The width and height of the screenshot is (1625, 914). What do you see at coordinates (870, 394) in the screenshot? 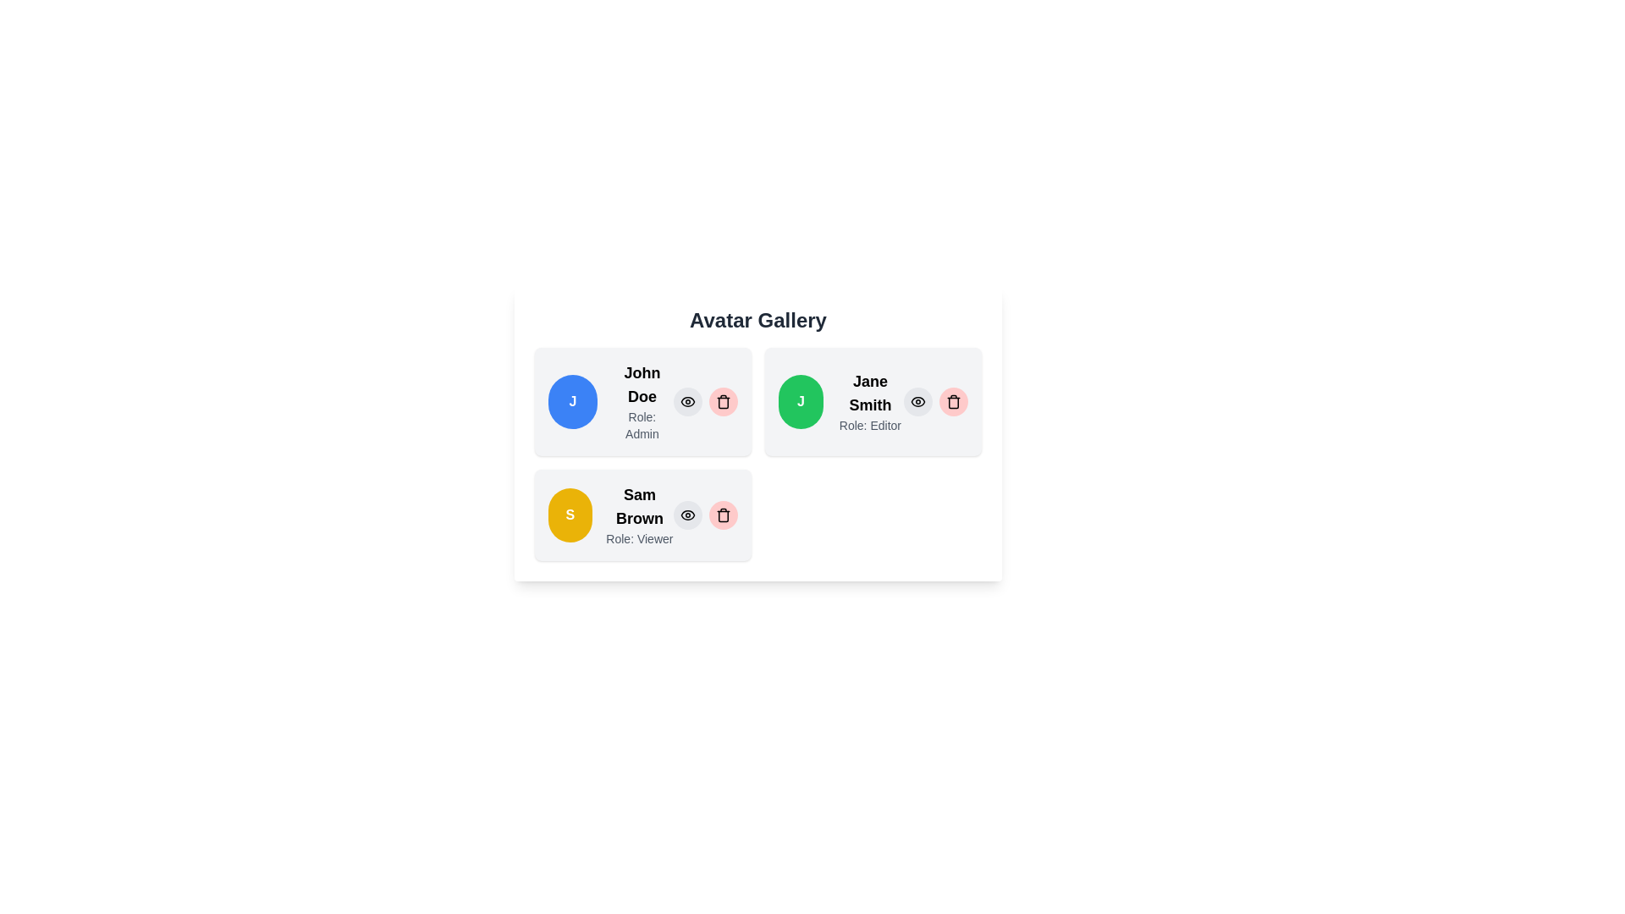
I see `the text label displaying 'Jane Smith', which is styled in a larger bold font and located in the top-right section of the interface` at bounding box center [870, 394].